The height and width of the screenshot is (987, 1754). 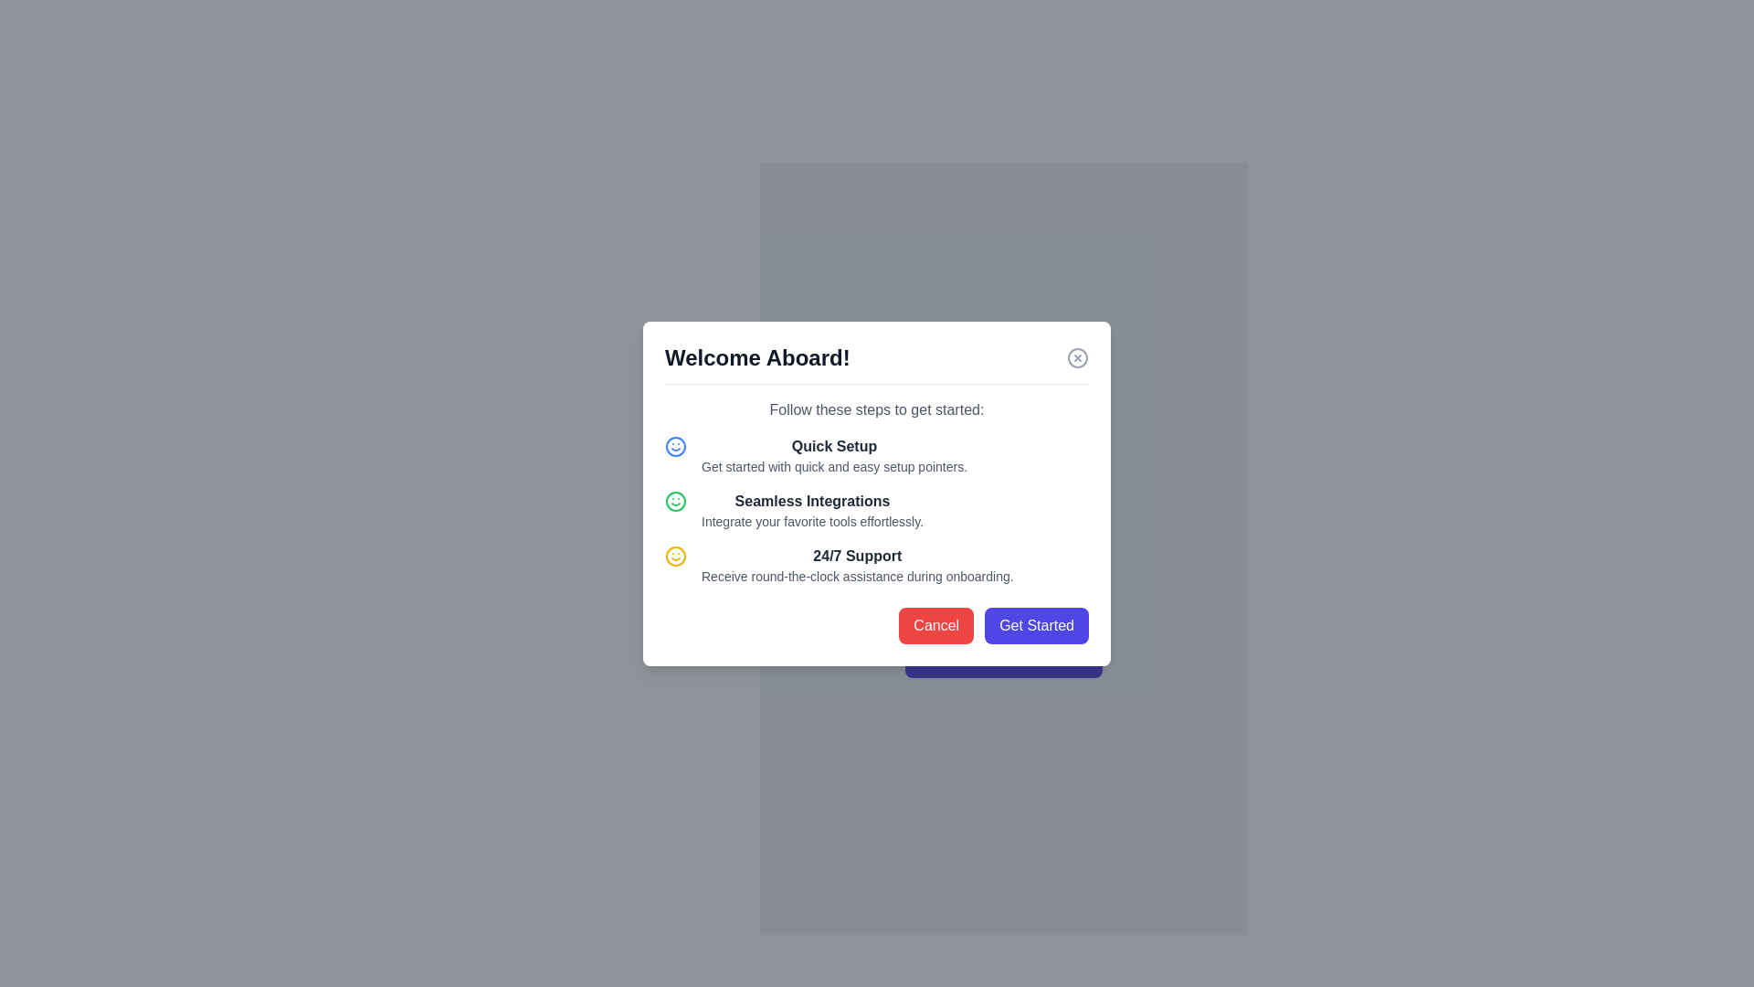 I want to click on the SVG icon representing positivity or friendliness associated with '24/7 Support', located to the left of the text, so click(x=674, y=555).